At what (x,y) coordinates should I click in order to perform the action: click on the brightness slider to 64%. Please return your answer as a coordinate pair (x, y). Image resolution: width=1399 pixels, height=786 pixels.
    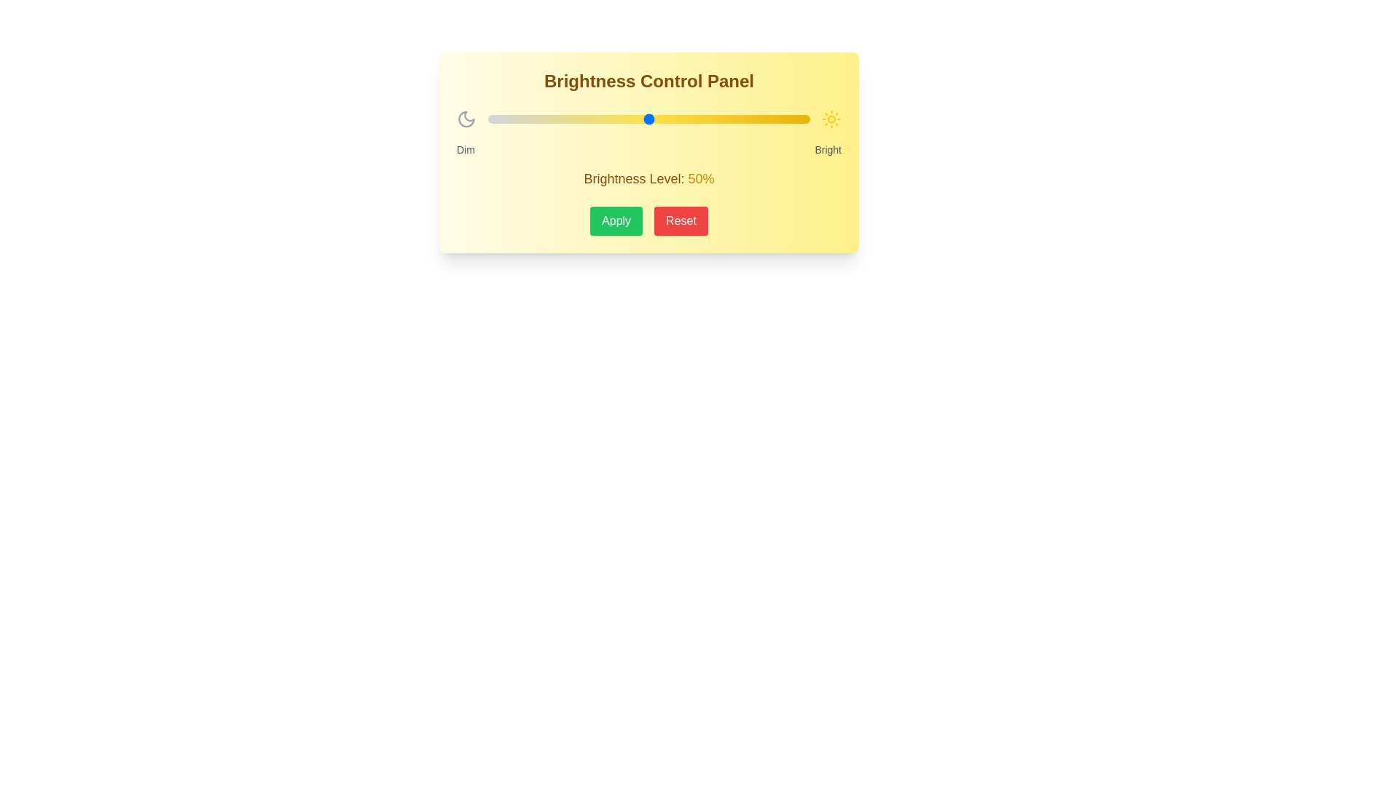
    Looking at the image, I should click on (693, 119).